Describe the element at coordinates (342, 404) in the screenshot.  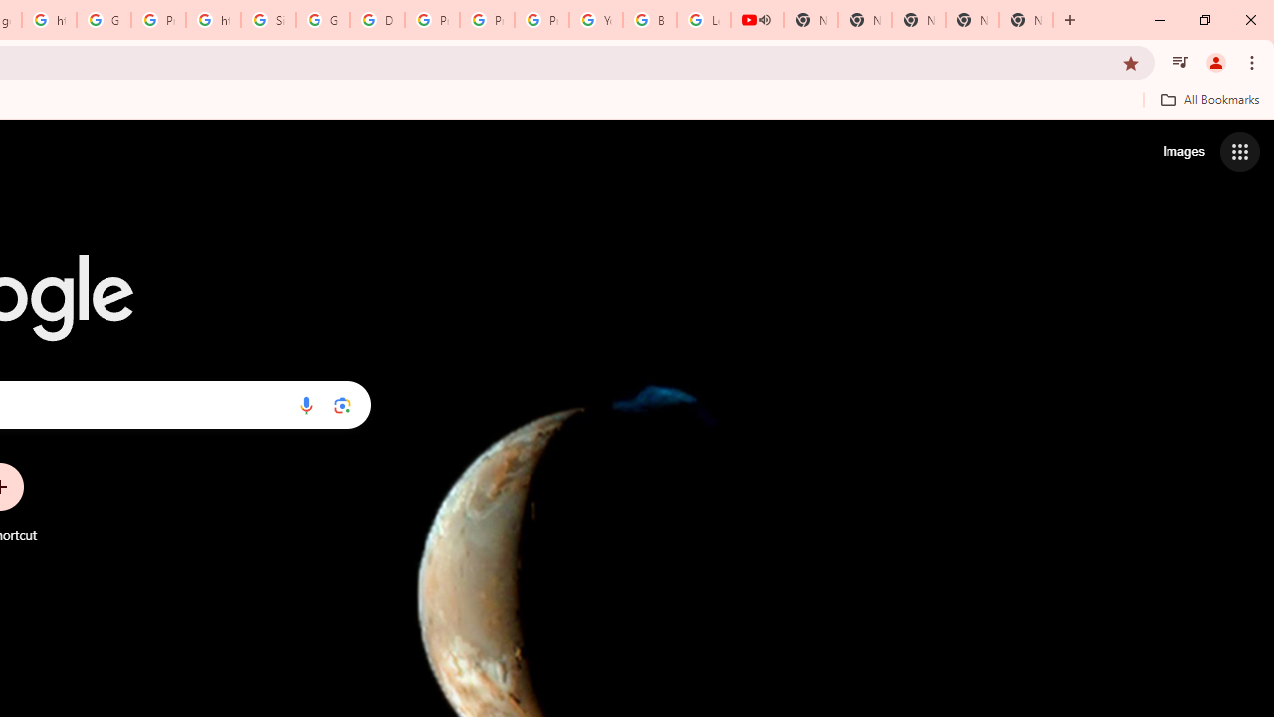
I see `'Search by image'` at that location.